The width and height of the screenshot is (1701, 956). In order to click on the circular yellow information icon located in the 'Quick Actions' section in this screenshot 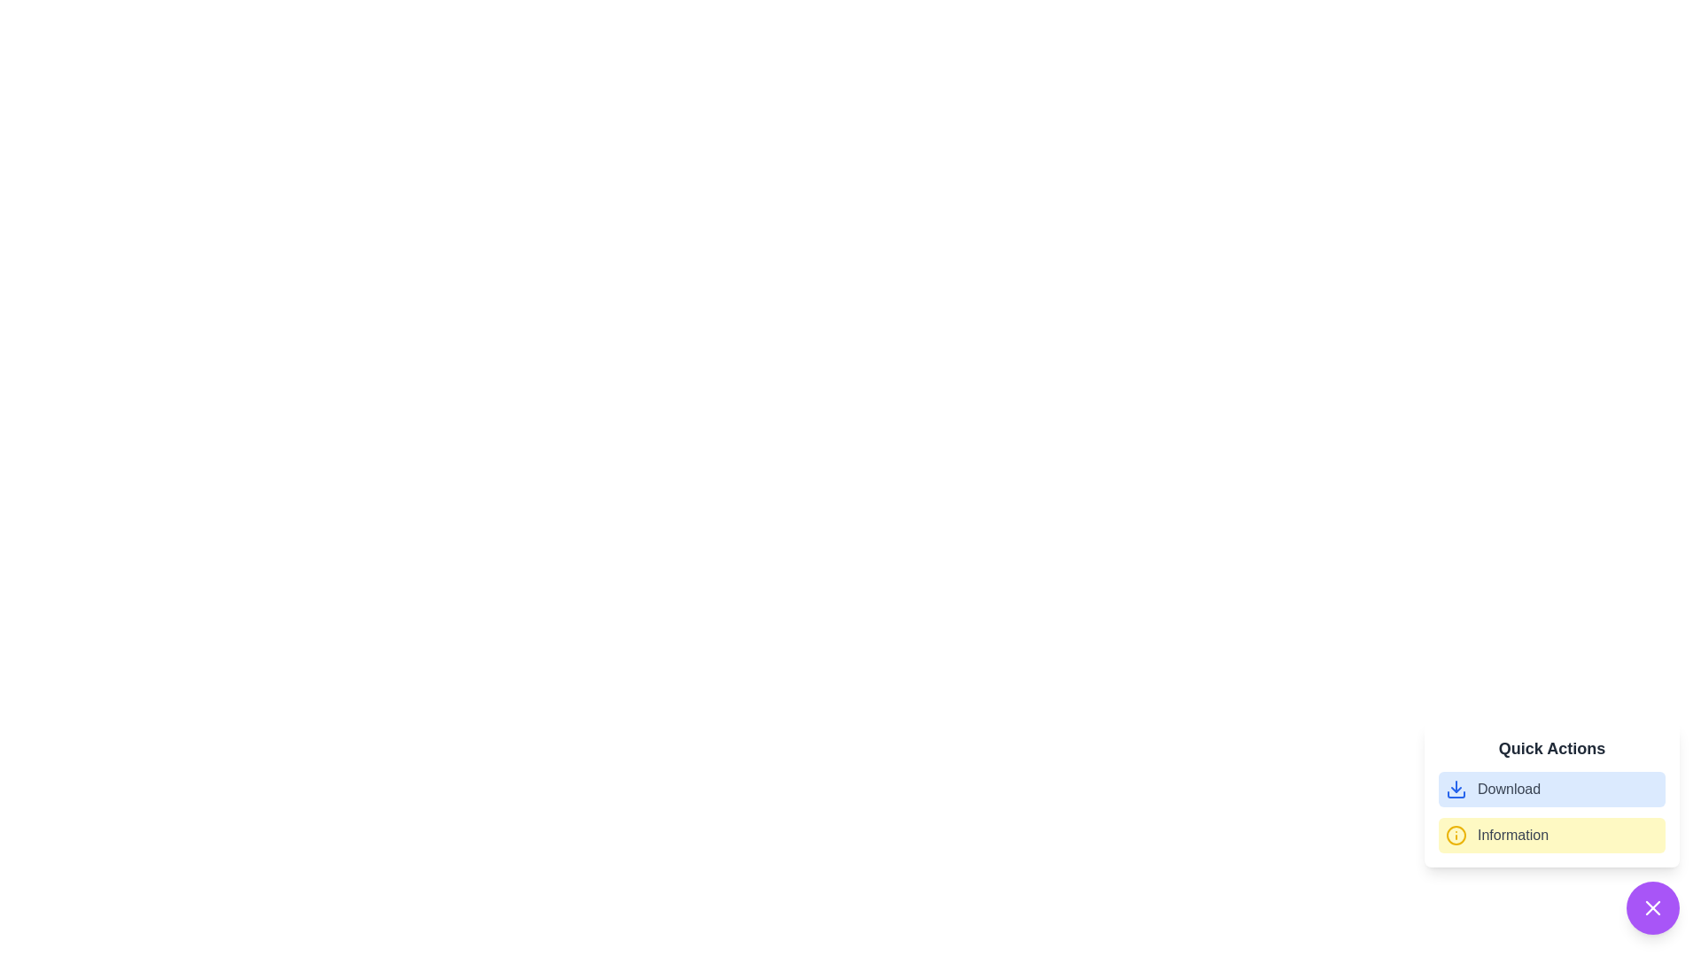, I will do `click(1456, 836)`.